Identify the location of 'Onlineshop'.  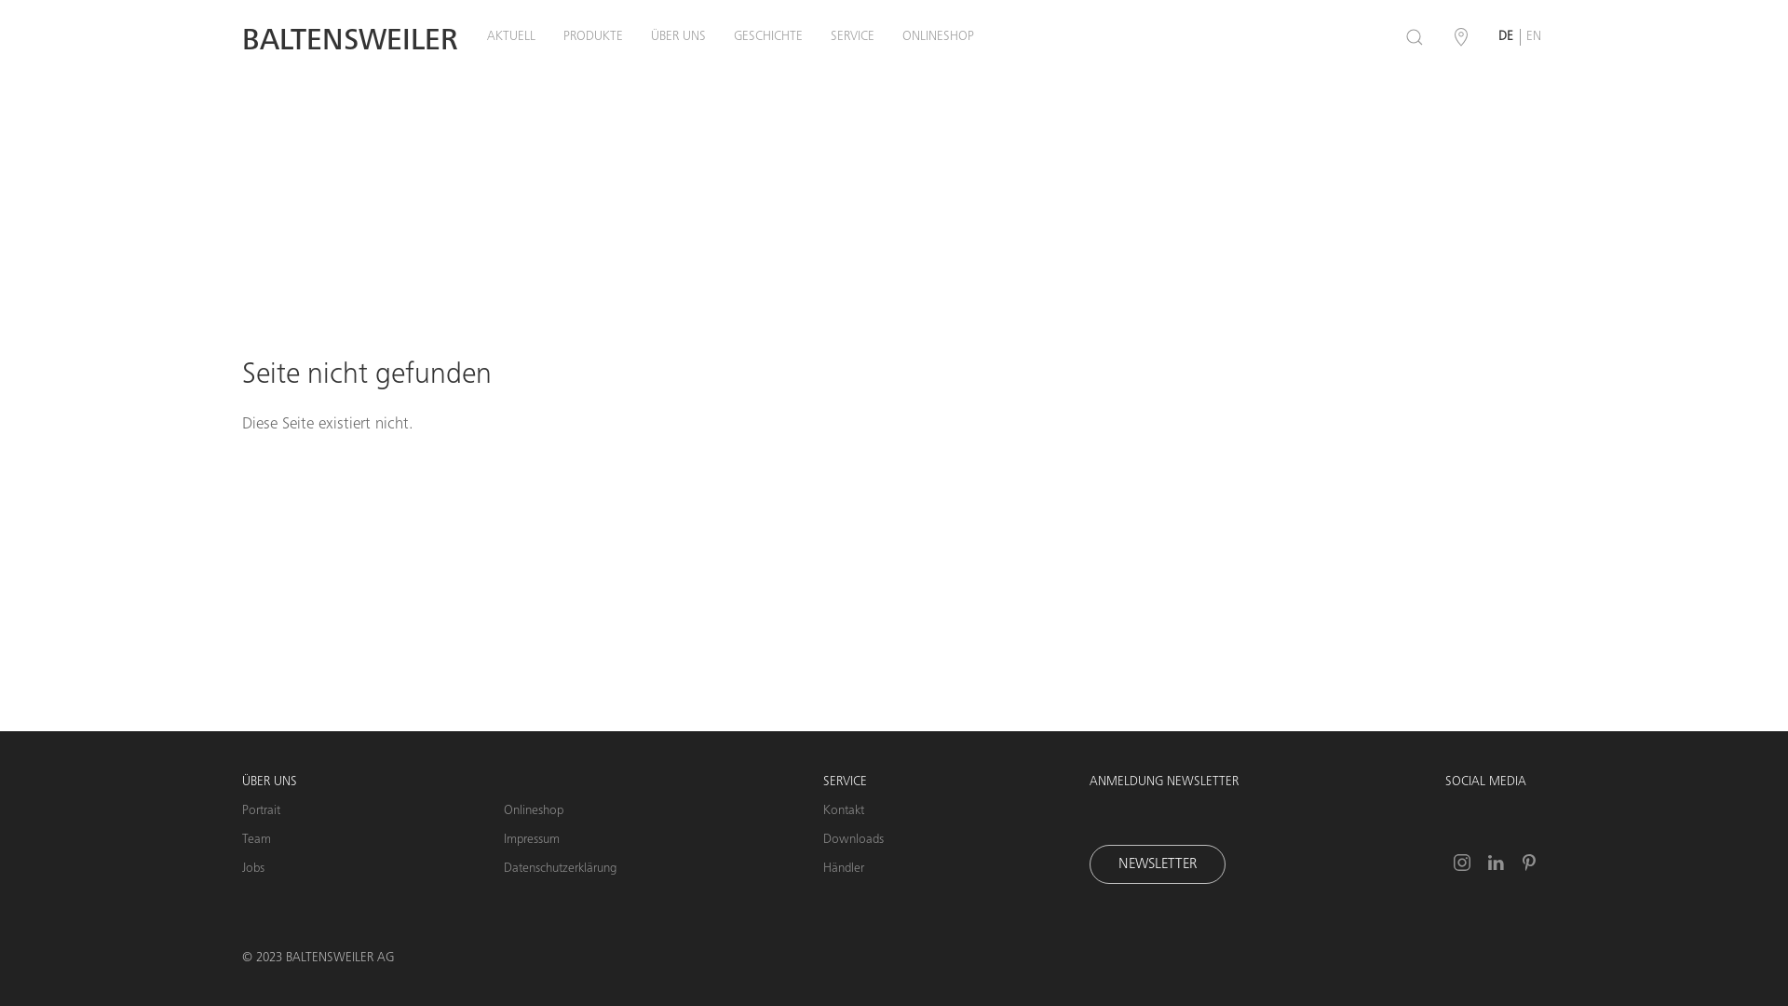
(559, 810).